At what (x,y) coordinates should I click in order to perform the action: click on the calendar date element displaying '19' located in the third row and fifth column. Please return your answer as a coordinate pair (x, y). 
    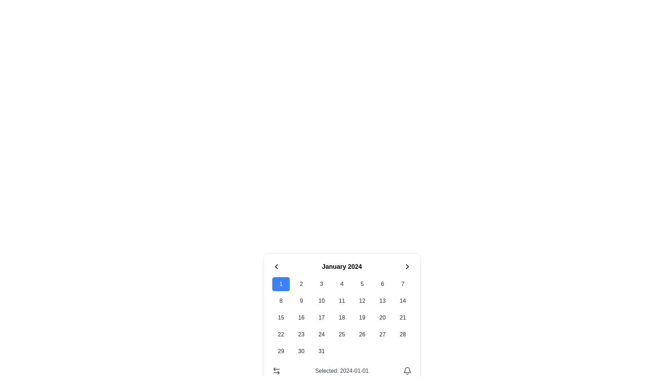
    Looking at the image, I should click on (362, 317).